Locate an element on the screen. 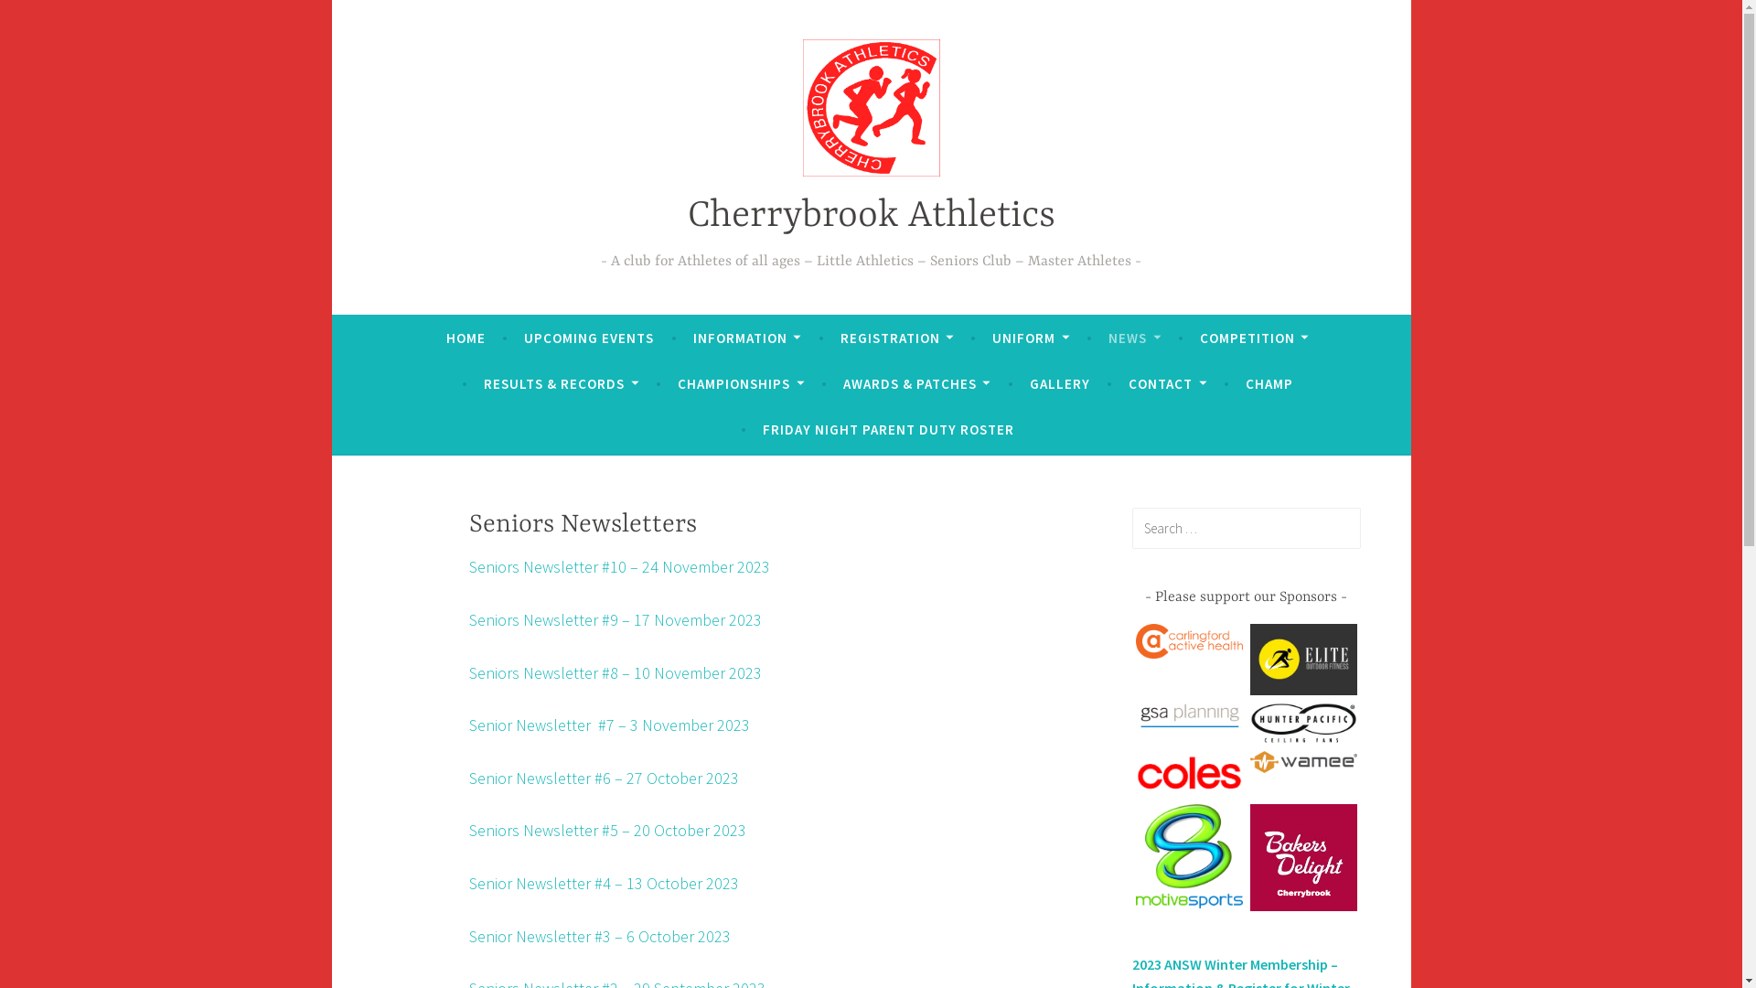 This screenshot has height=988, width=1756. 'UPCOMING EVENTS' is located at coordinates (588, 338).